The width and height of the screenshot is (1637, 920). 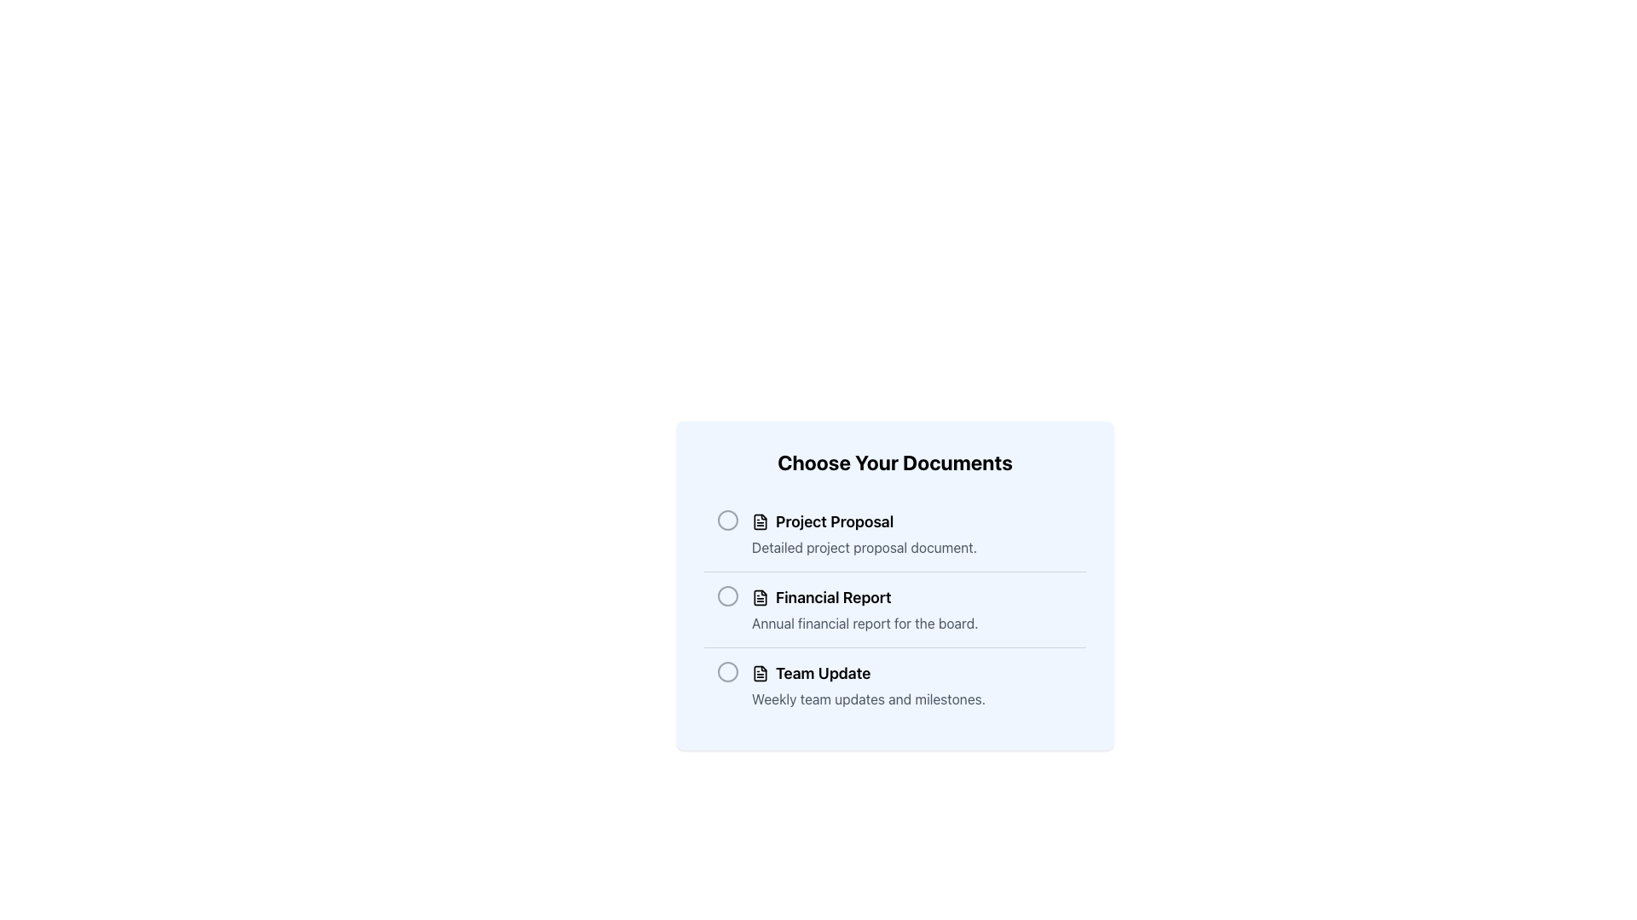 I want to click on the document icon associated with the 'Project Proposal' entry, which is located to the left of the title in the topmost position of the list, so click(x=760, y=521).